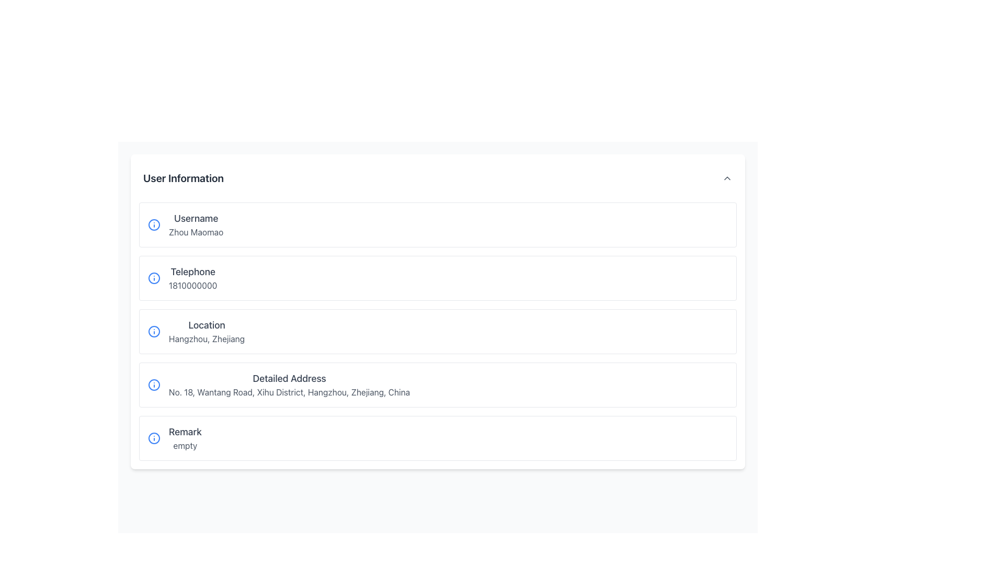  What do you see at coordinates (153, 438) in the screenshot?
I see `the informational tooltip trigger icon located in the 'Remark' section to the left of the text 'empty'` at bounding box center [153, 438].